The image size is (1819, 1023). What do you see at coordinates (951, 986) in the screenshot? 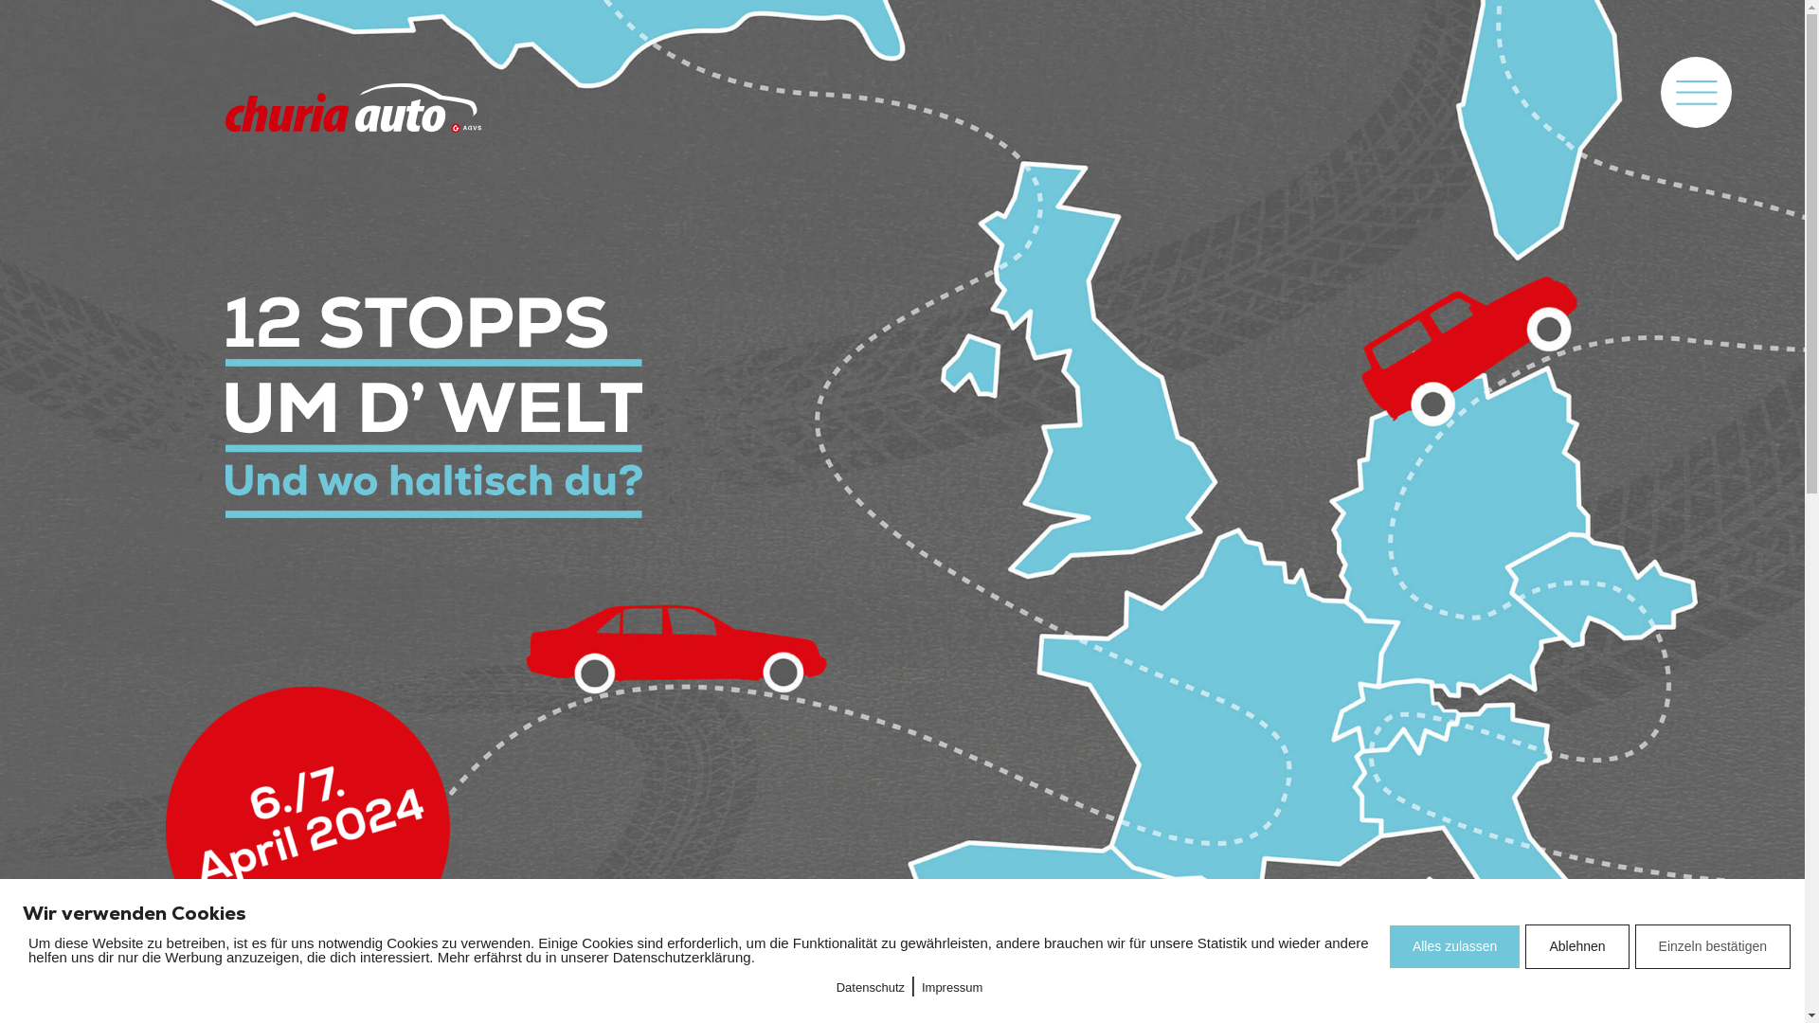
I see `'Impressum'` at bounding box center [951, 986].